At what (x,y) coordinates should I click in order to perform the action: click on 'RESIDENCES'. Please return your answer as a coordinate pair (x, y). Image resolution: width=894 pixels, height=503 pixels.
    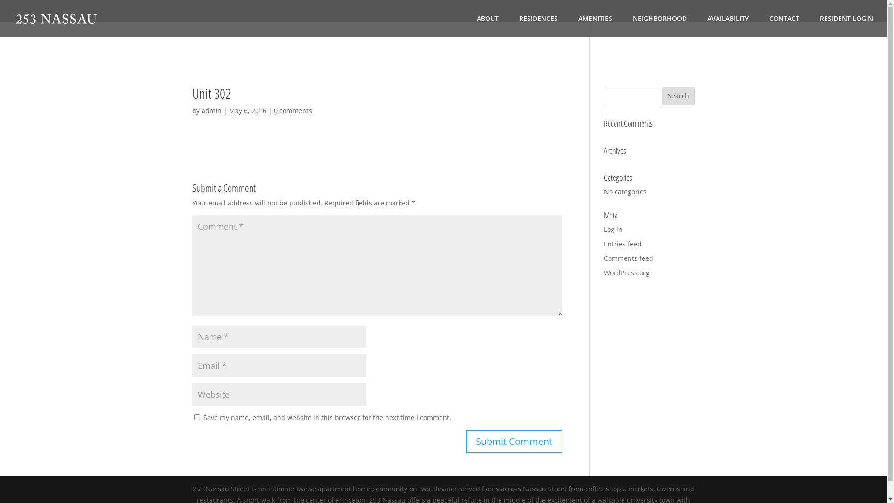
    Looking at the image, I should click on (538, 26).